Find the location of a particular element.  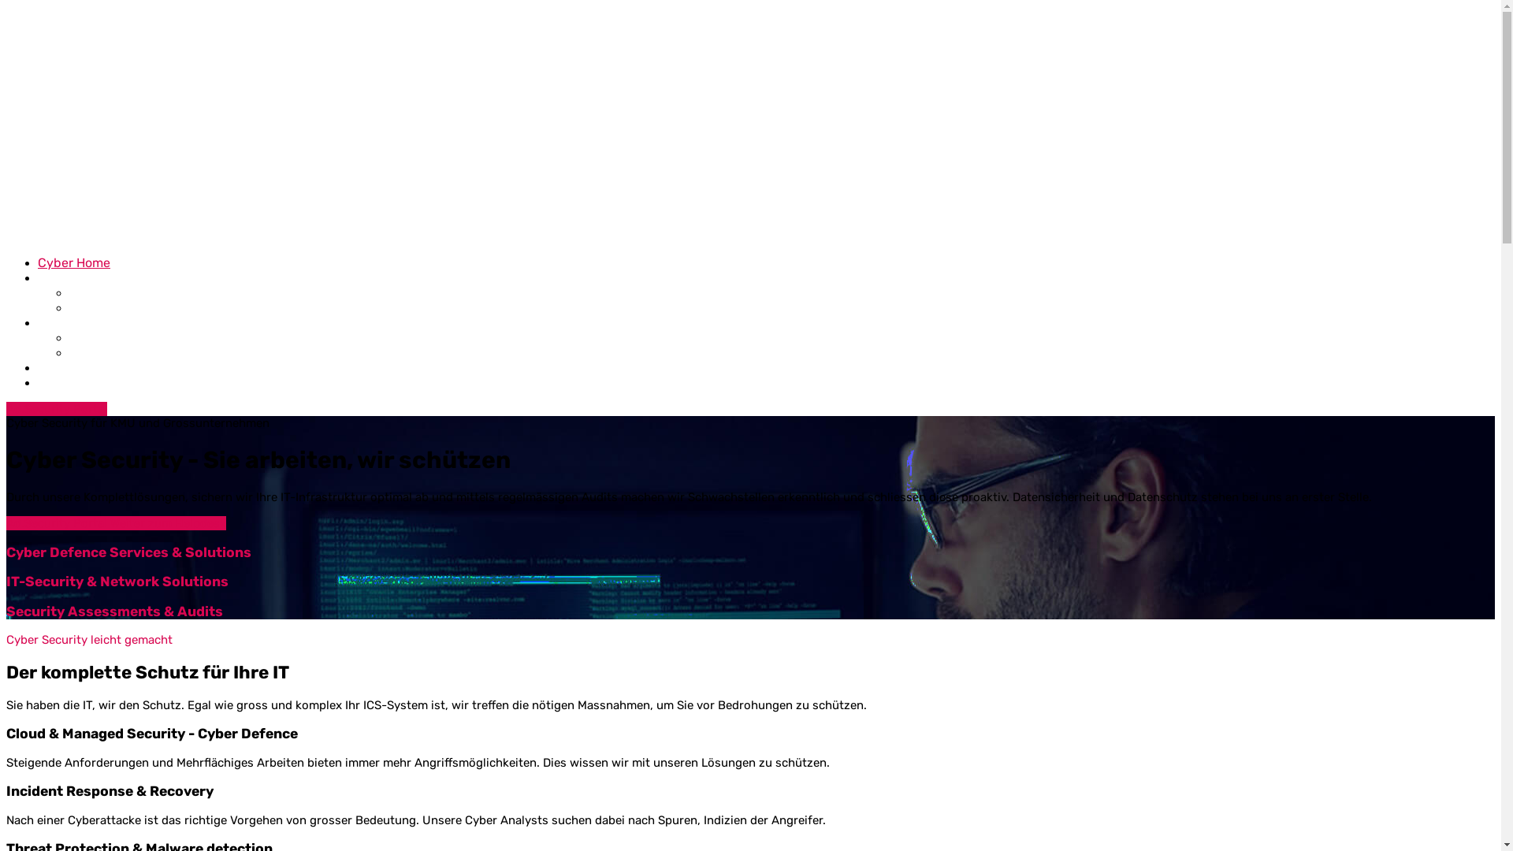

'Ad.Security Portal' is located at coordinates (58, 522).